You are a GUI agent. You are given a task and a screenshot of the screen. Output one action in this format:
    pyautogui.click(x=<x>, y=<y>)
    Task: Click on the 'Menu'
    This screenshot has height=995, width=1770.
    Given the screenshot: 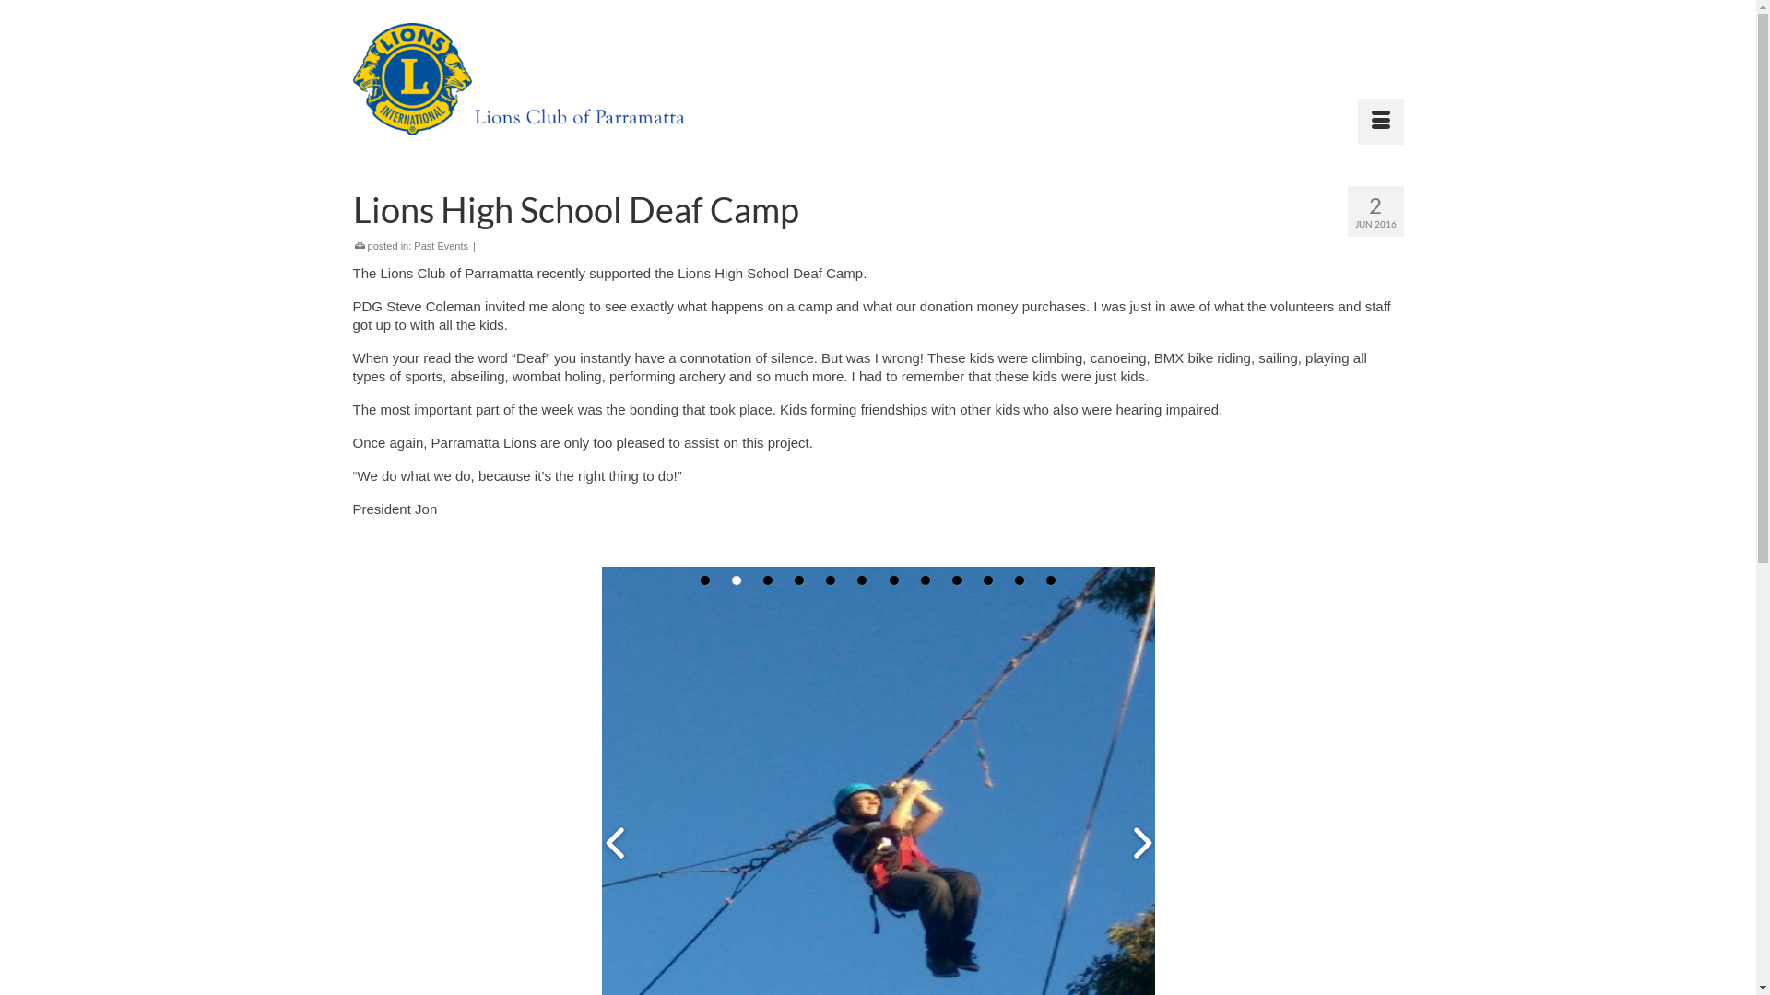 What is the action you would take?
    pyautogui.click(x=1380, y=121)
    